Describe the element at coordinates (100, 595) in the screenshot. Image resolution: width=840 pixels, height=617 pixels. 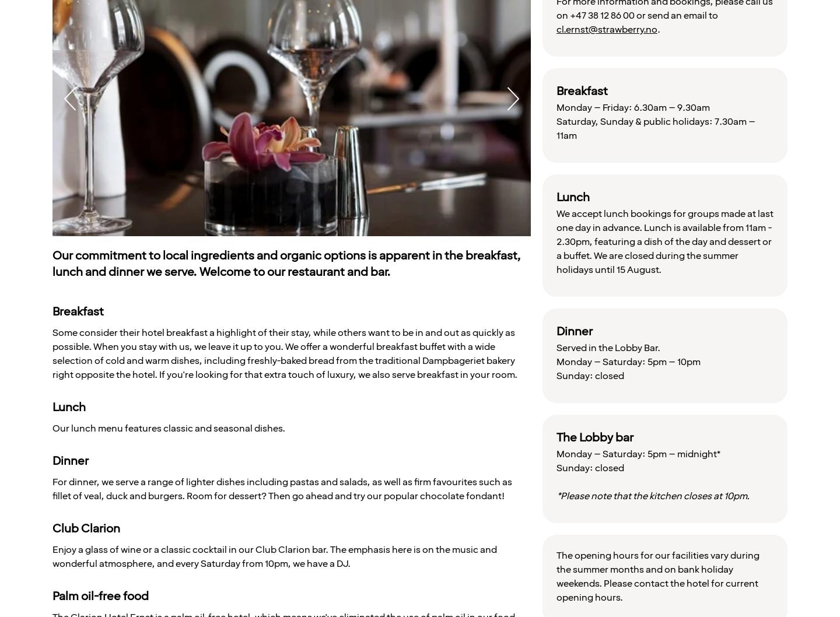
I see `'Palm oil-free food'` at that location.